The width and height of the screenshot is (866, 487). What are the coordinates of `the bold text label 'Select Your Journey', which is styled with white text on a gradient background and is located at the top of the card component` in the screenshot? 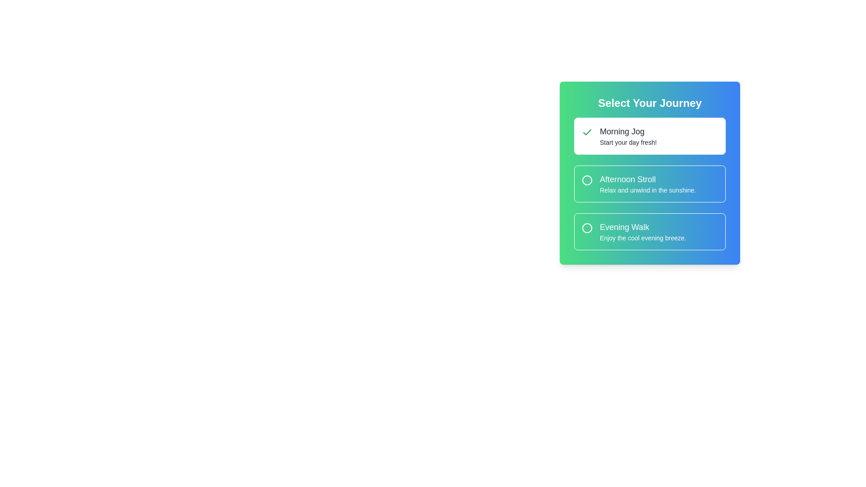 It's located at (649, 102).